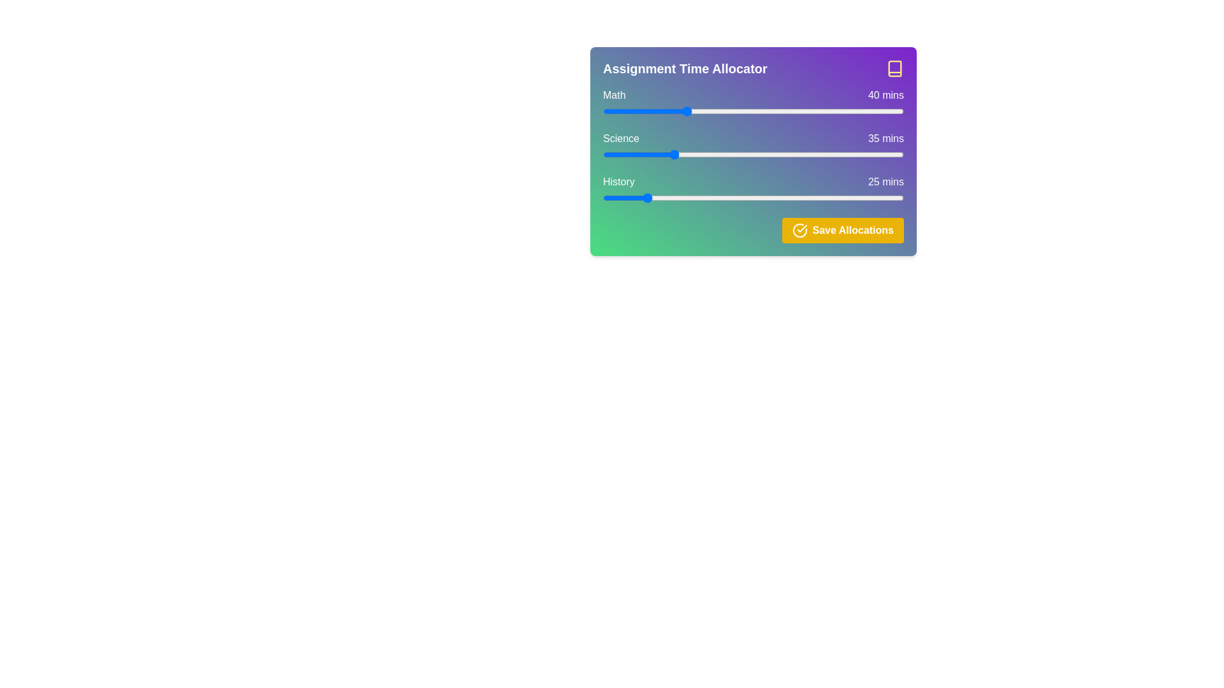 The width and height of the screenshot is (1224, 688). Describe the element at coordinates (842, 231) in the screenshot. I see `the save button located at the bottom-right corner of the 'Assignment Time Allocator' interface` at that location.